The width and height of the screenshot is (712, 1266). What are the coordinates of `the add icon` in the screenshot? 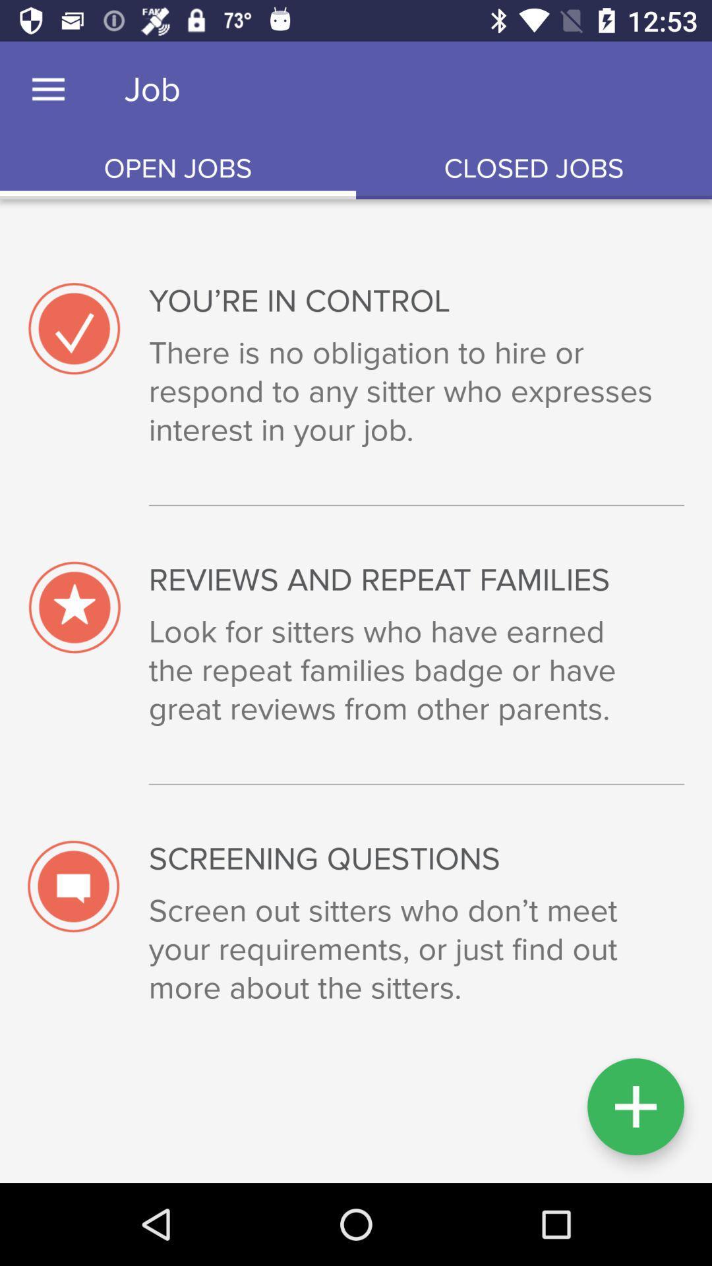 It's located at (635, 1106).